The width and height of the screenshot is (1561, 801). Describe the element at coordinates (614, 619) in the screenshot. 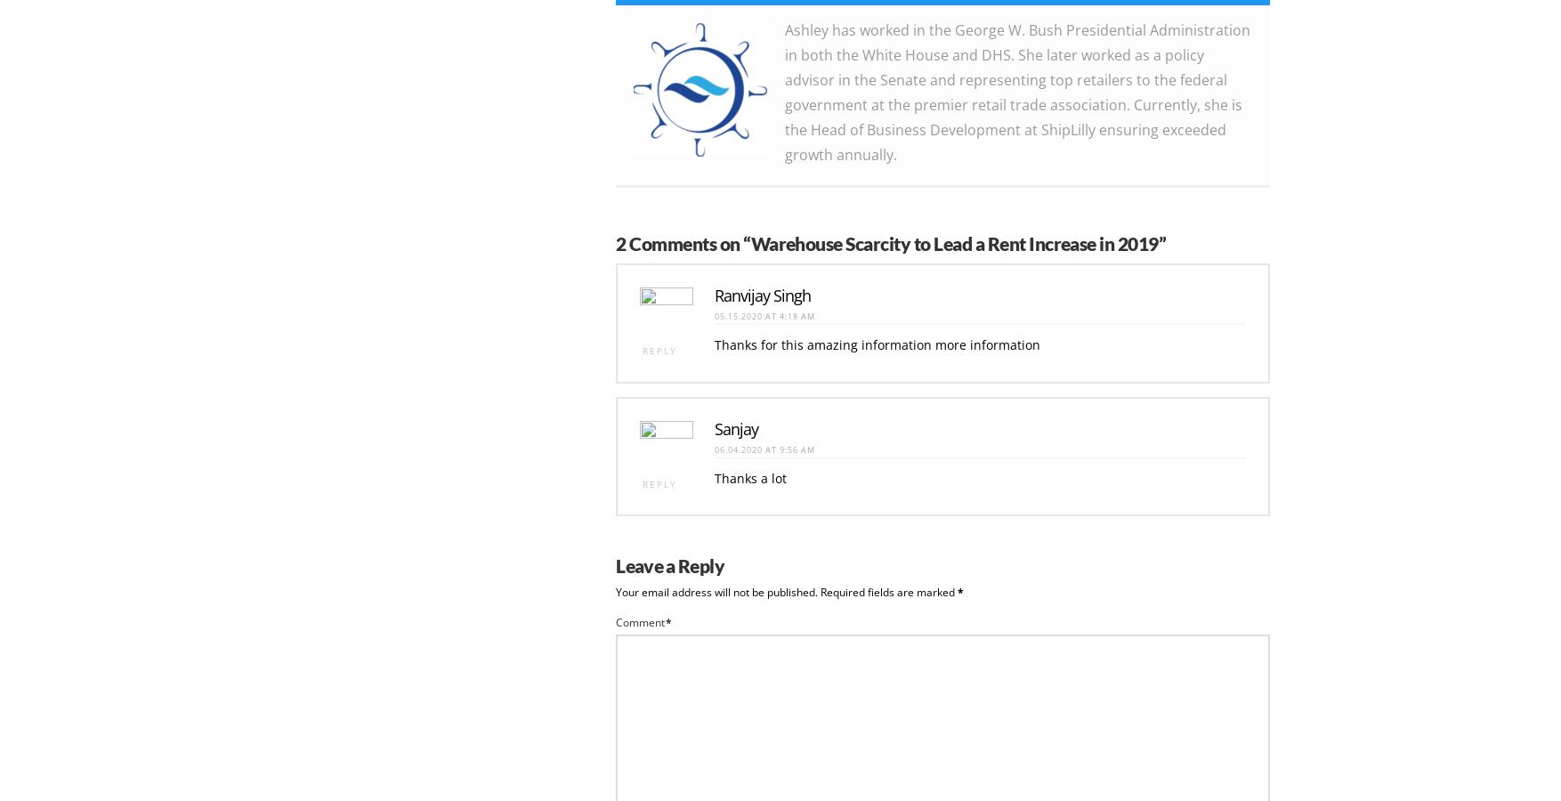

I see `'Comment'` at that location.